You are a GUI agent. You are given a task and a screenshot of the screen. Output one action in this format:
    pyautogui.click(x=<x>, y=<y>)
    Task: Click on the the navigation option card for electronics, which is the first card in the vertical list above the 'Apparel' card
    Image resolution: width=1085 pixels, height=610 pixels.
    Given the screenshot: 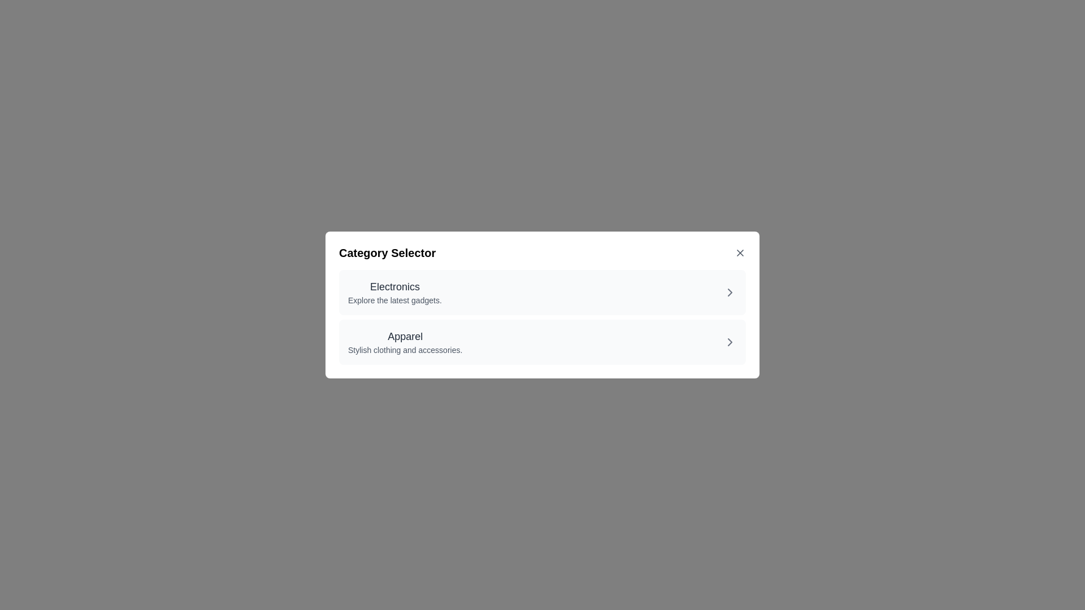 What is the action you would take?
    pyautogui.click(x=394, y=291)
    